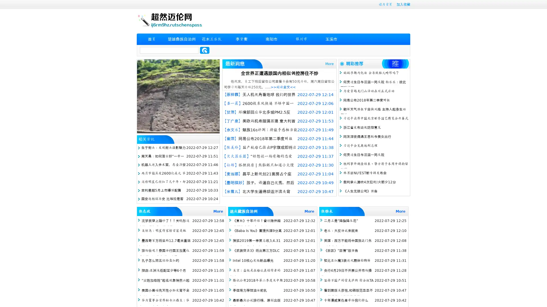 The width and height of the screenshot is (547, 307). I want to click on Search, so click(205, 50).